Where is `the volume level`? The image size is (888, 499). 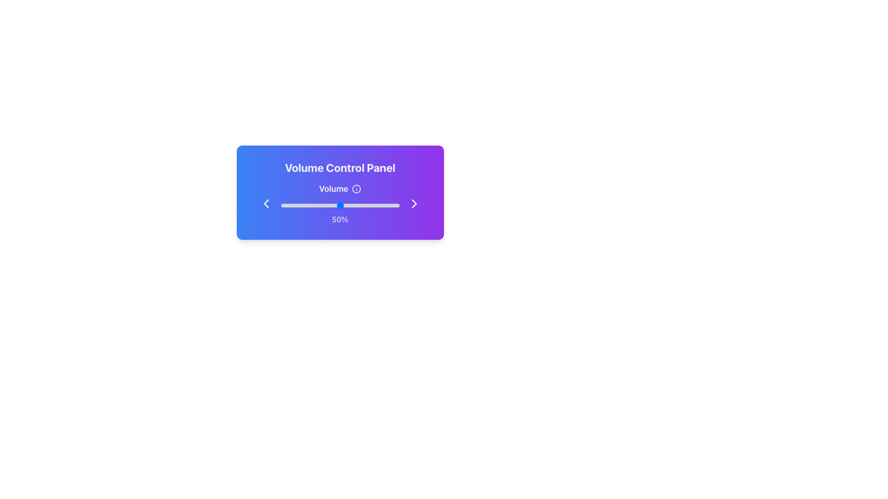 the volume level is located at coordinates (384, 205).